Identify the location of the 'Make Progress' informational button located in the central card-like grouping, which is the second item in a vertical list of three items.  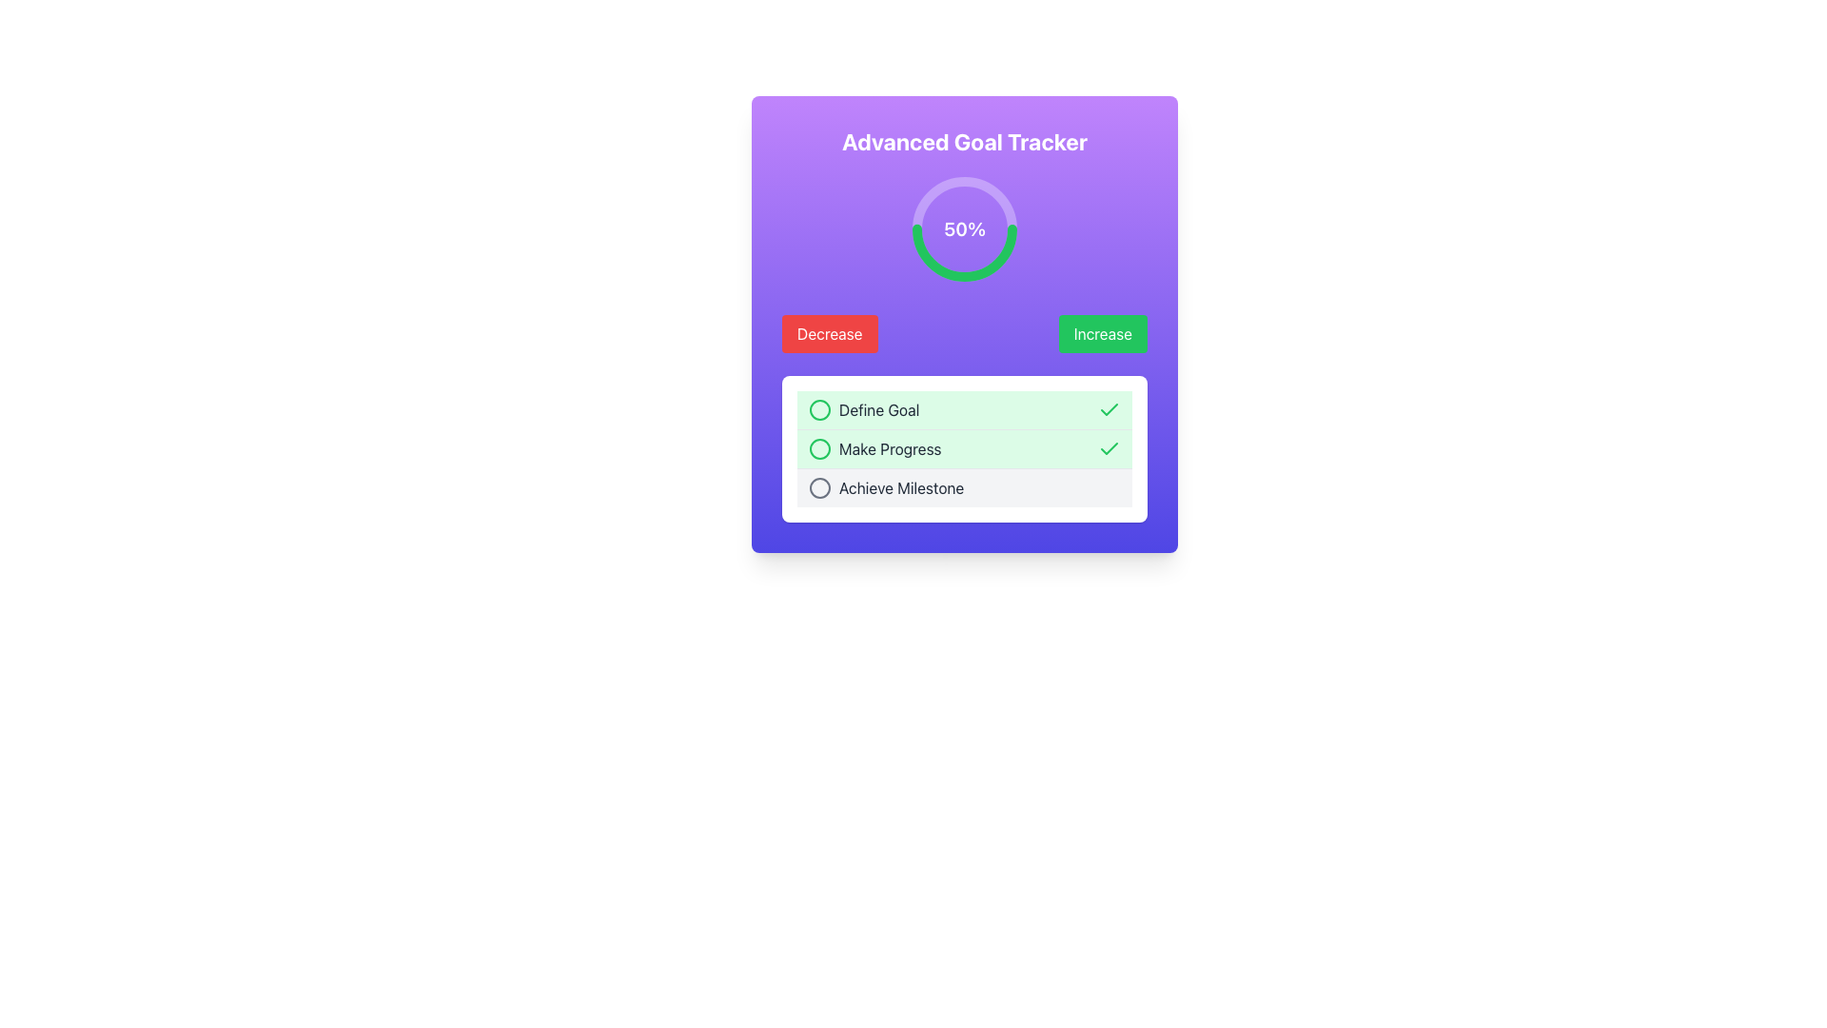
(964, 447).